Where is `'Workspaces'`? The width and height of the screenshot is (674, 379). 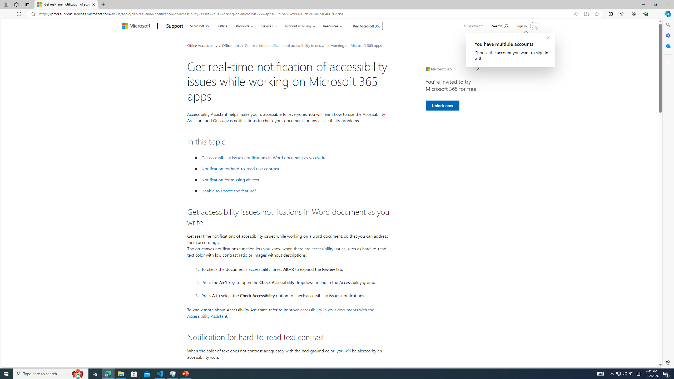
'Workspaces' is located at coordinates (16, 4).